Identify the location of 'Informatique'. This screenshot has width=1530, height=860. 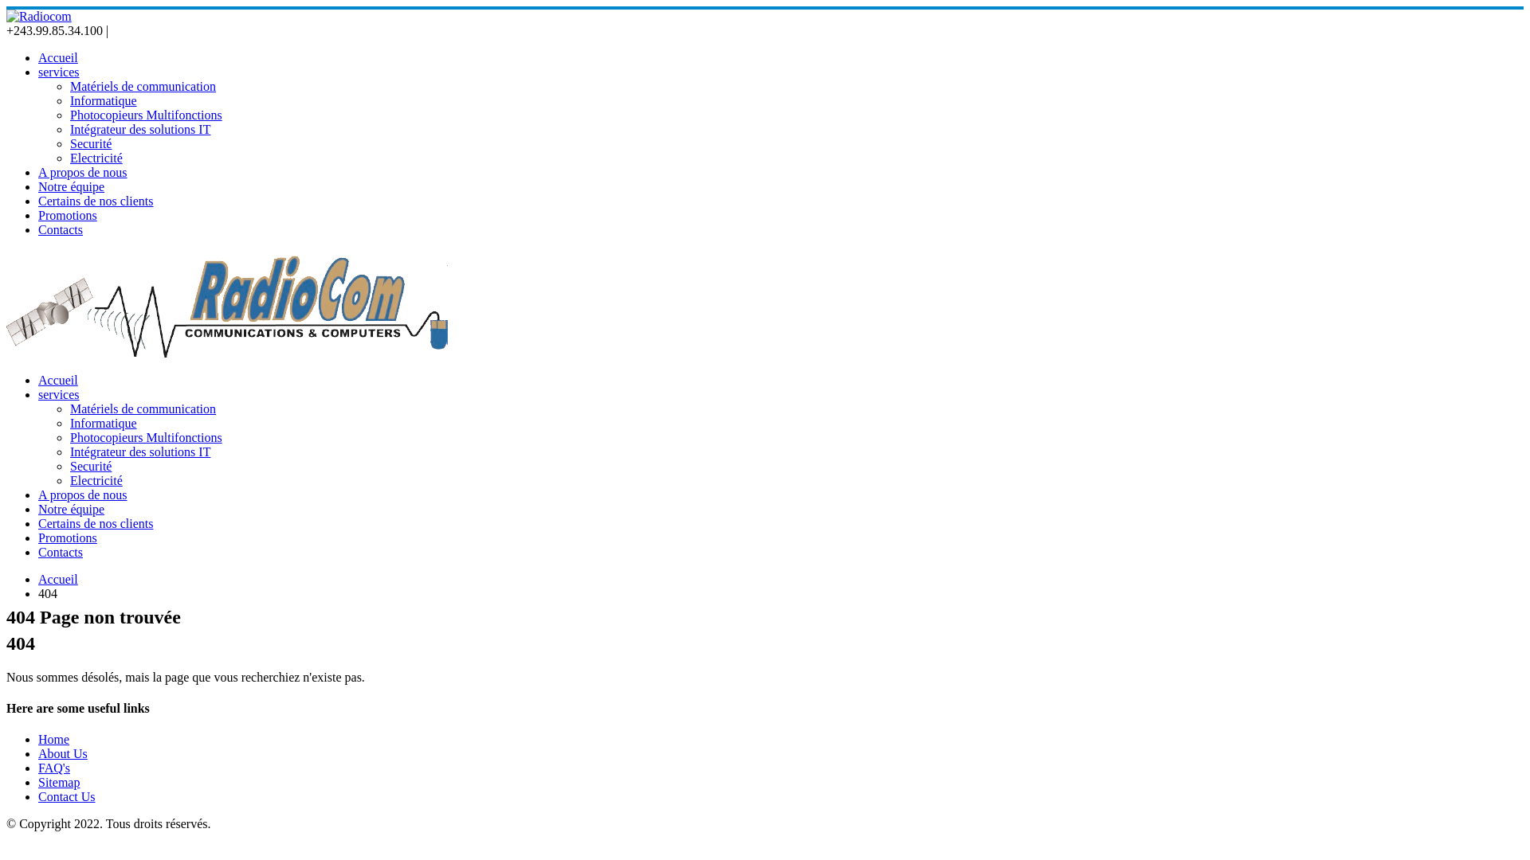
(69, 100).